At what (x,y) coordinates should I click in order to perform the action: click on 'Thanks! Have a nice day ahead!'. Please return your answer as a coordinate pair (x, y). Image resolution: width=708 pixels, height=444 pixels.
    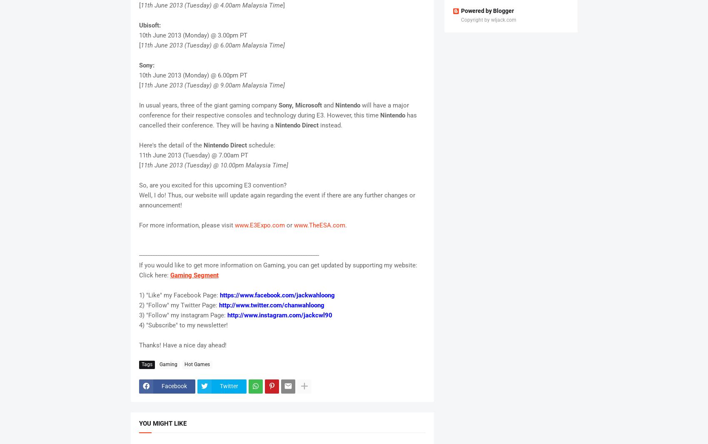
    Looking at the image, I should click on (182, 344).